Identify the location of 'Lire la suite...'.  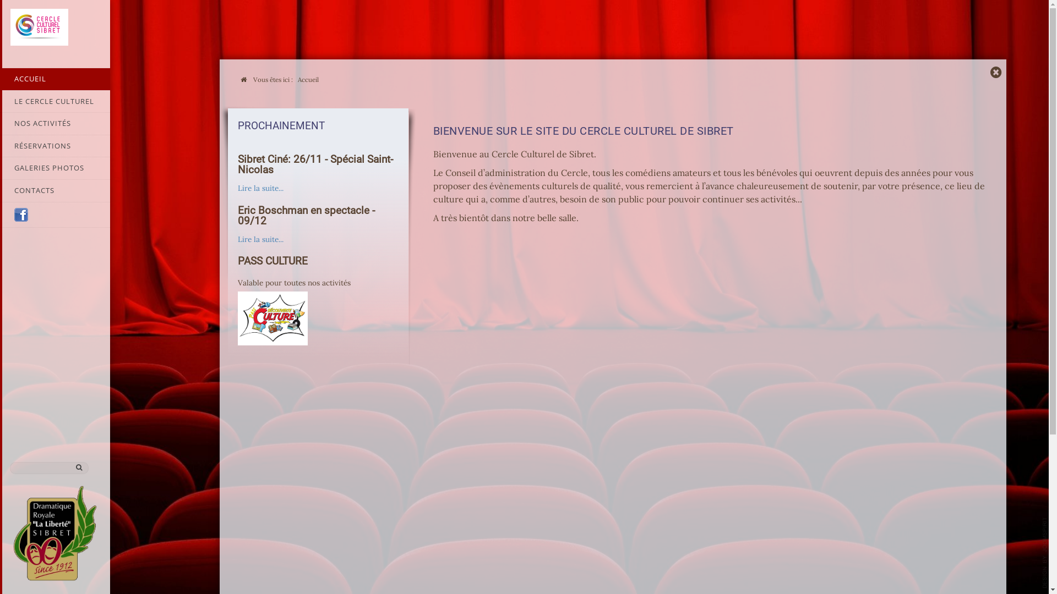
(237, 239).